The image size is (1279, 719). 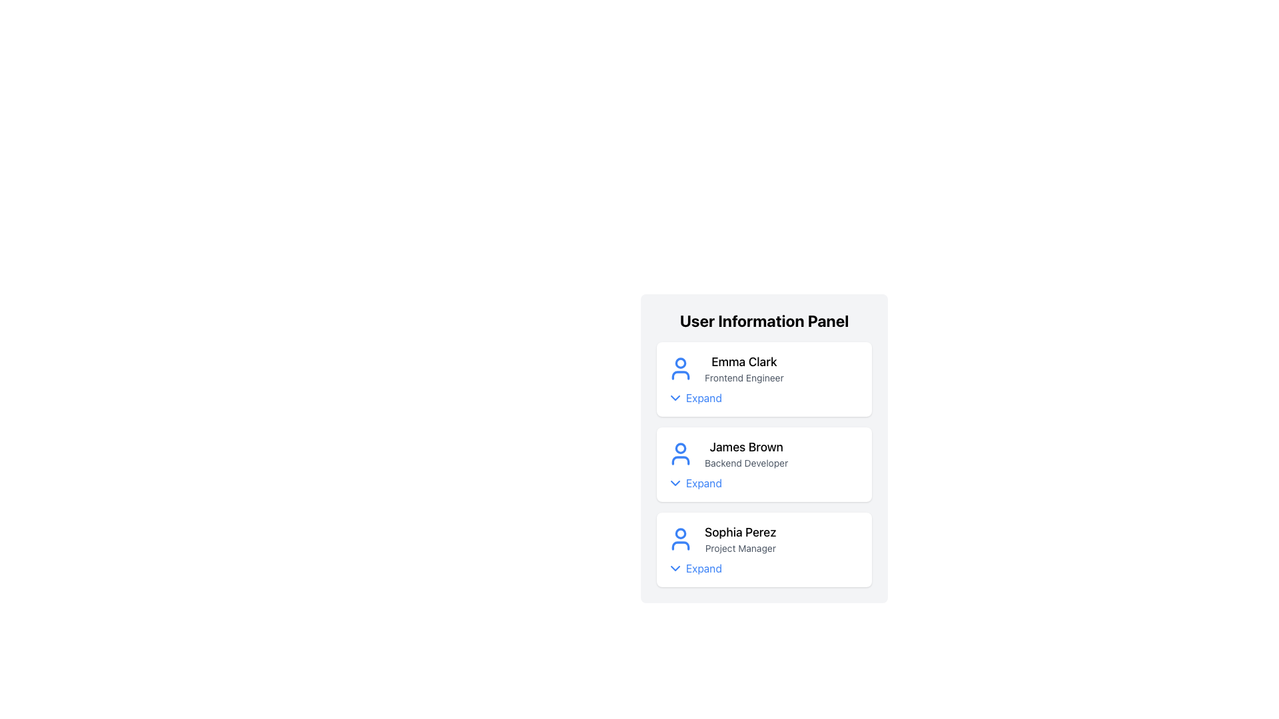 What do you see at coordinates (764, 549) in the screenshot?
I see `displayed information from the Profile panel which is the third and last panel in the vertical list of user information panels, located below the 'James Brown' panel` at bounding box center [764, 549].